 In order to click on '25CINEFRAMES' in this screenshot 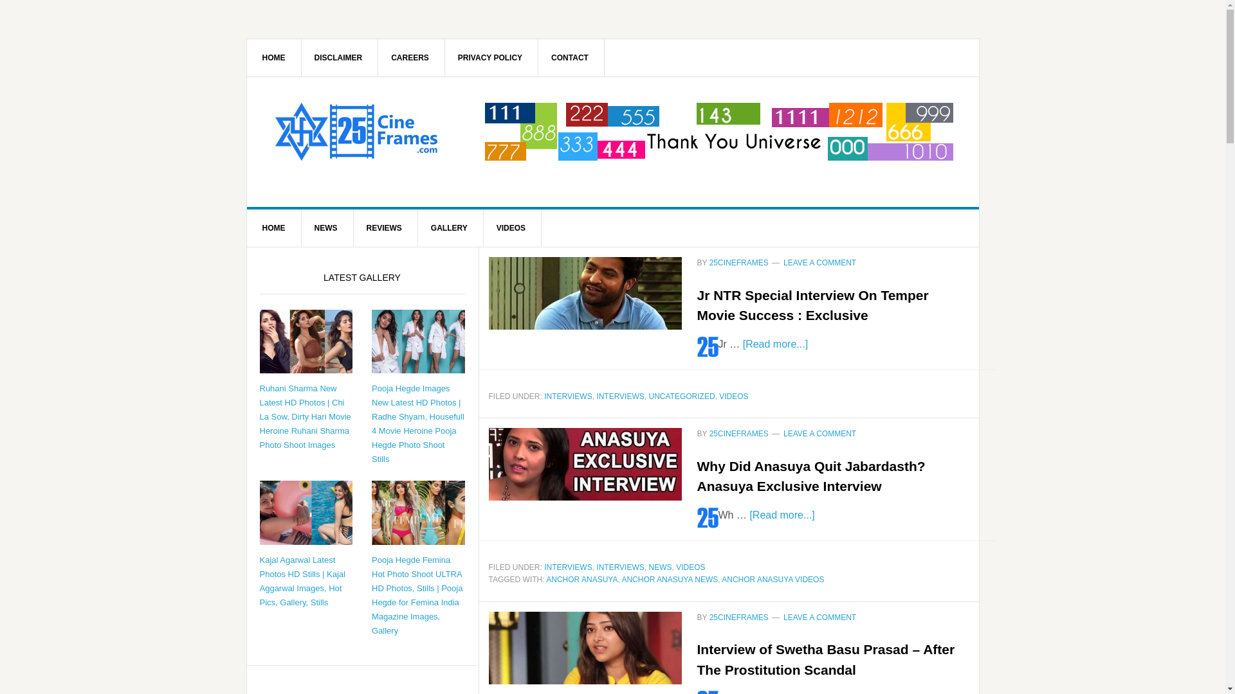, I will do `click(738, 262)`.